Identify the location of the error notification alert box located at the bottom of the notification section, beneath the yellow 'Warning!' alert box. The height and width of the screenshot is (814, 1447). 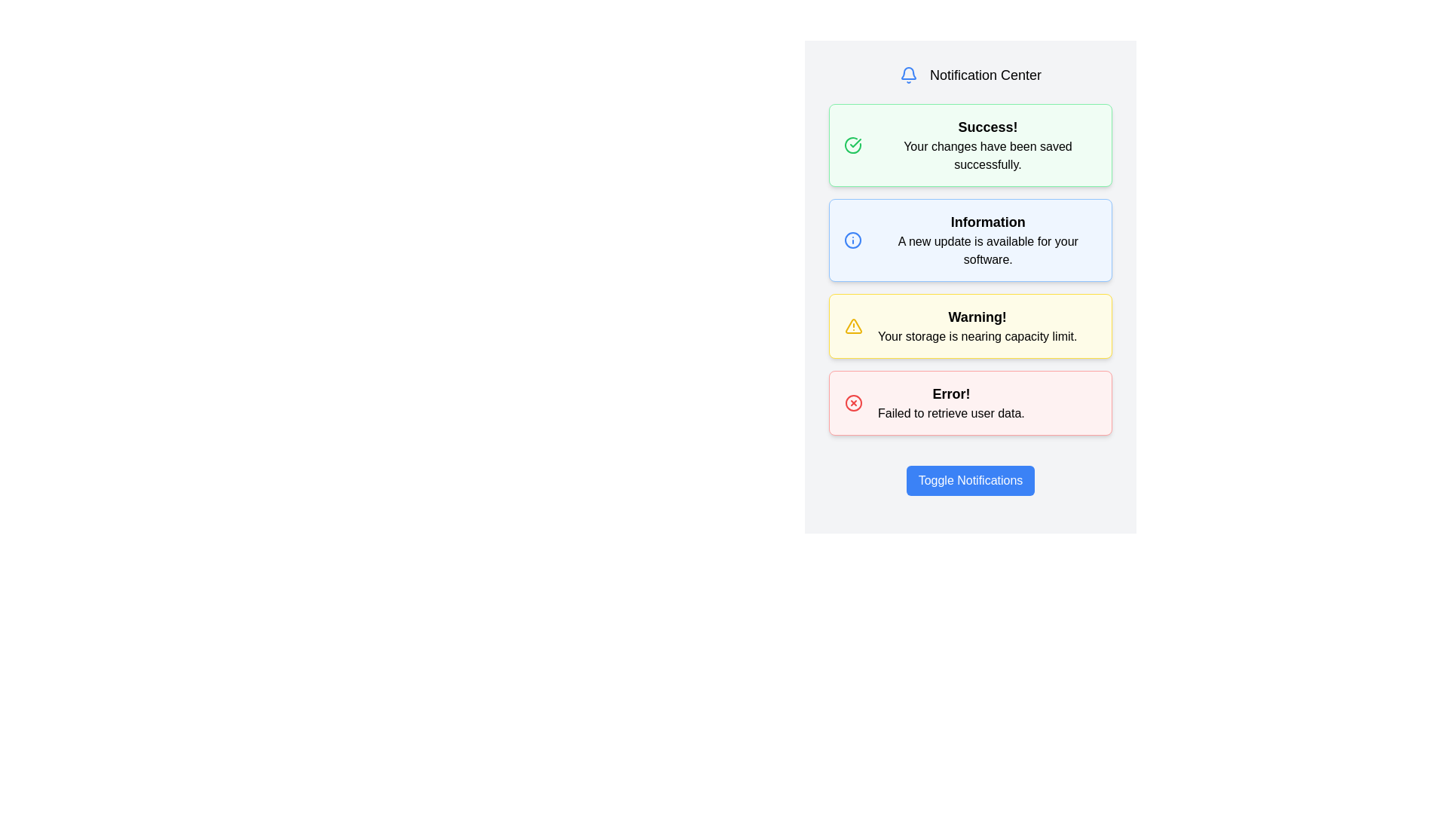
(970, 402).